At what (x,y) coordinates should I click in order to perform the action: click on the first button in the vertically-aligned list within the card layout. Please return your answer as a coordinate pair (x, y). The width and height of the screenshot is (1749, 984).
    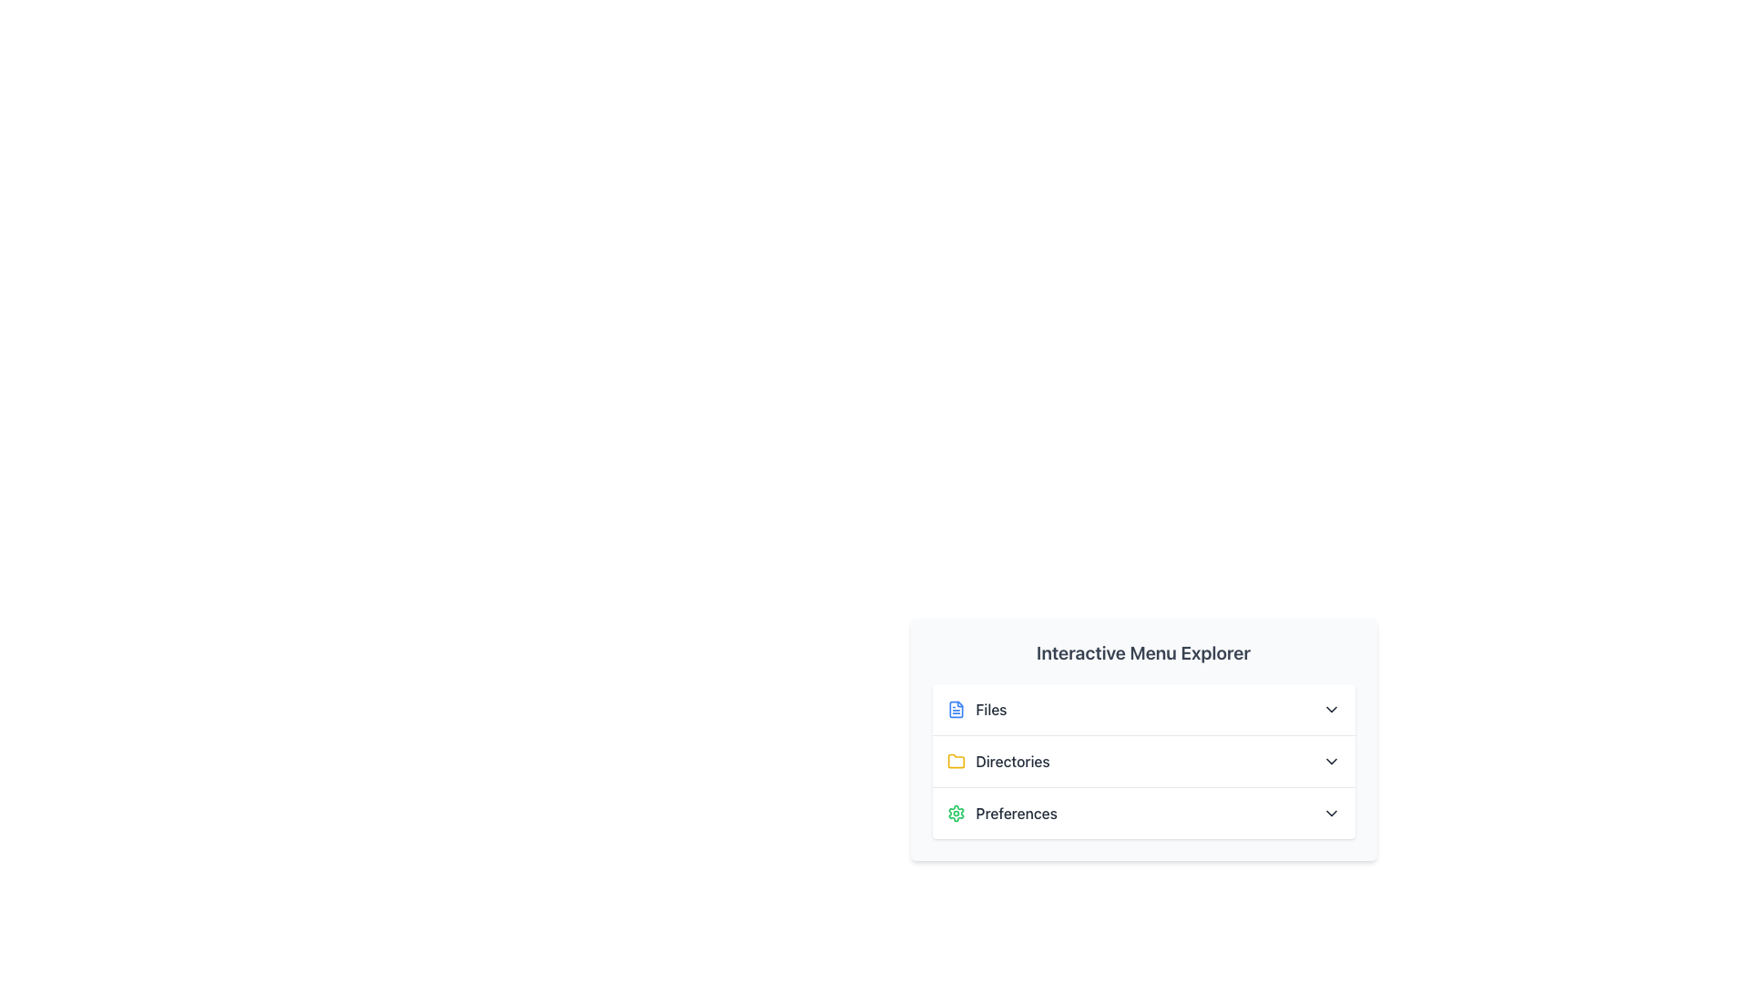
    Looking at the image, I should click on (1142, 709).